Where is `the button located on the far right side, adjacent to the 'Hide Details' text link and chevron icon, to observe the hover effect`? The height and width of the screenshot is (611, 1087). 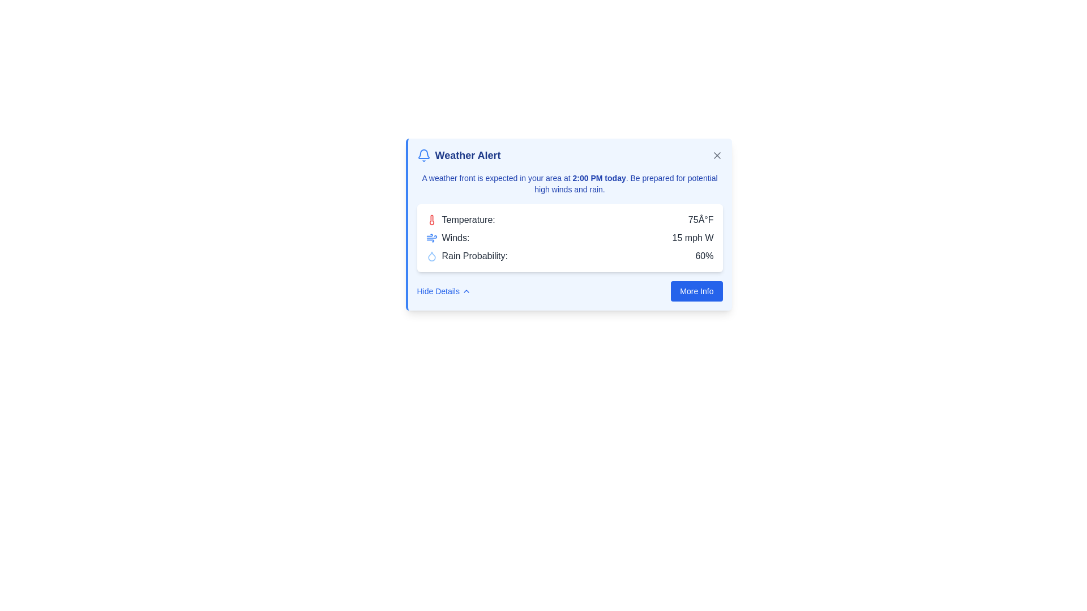 the button located on the far right side, adjacent to the 'Hide Details' text link and chevron icon, to observe the hover effect is located at coordinates (696, 291).